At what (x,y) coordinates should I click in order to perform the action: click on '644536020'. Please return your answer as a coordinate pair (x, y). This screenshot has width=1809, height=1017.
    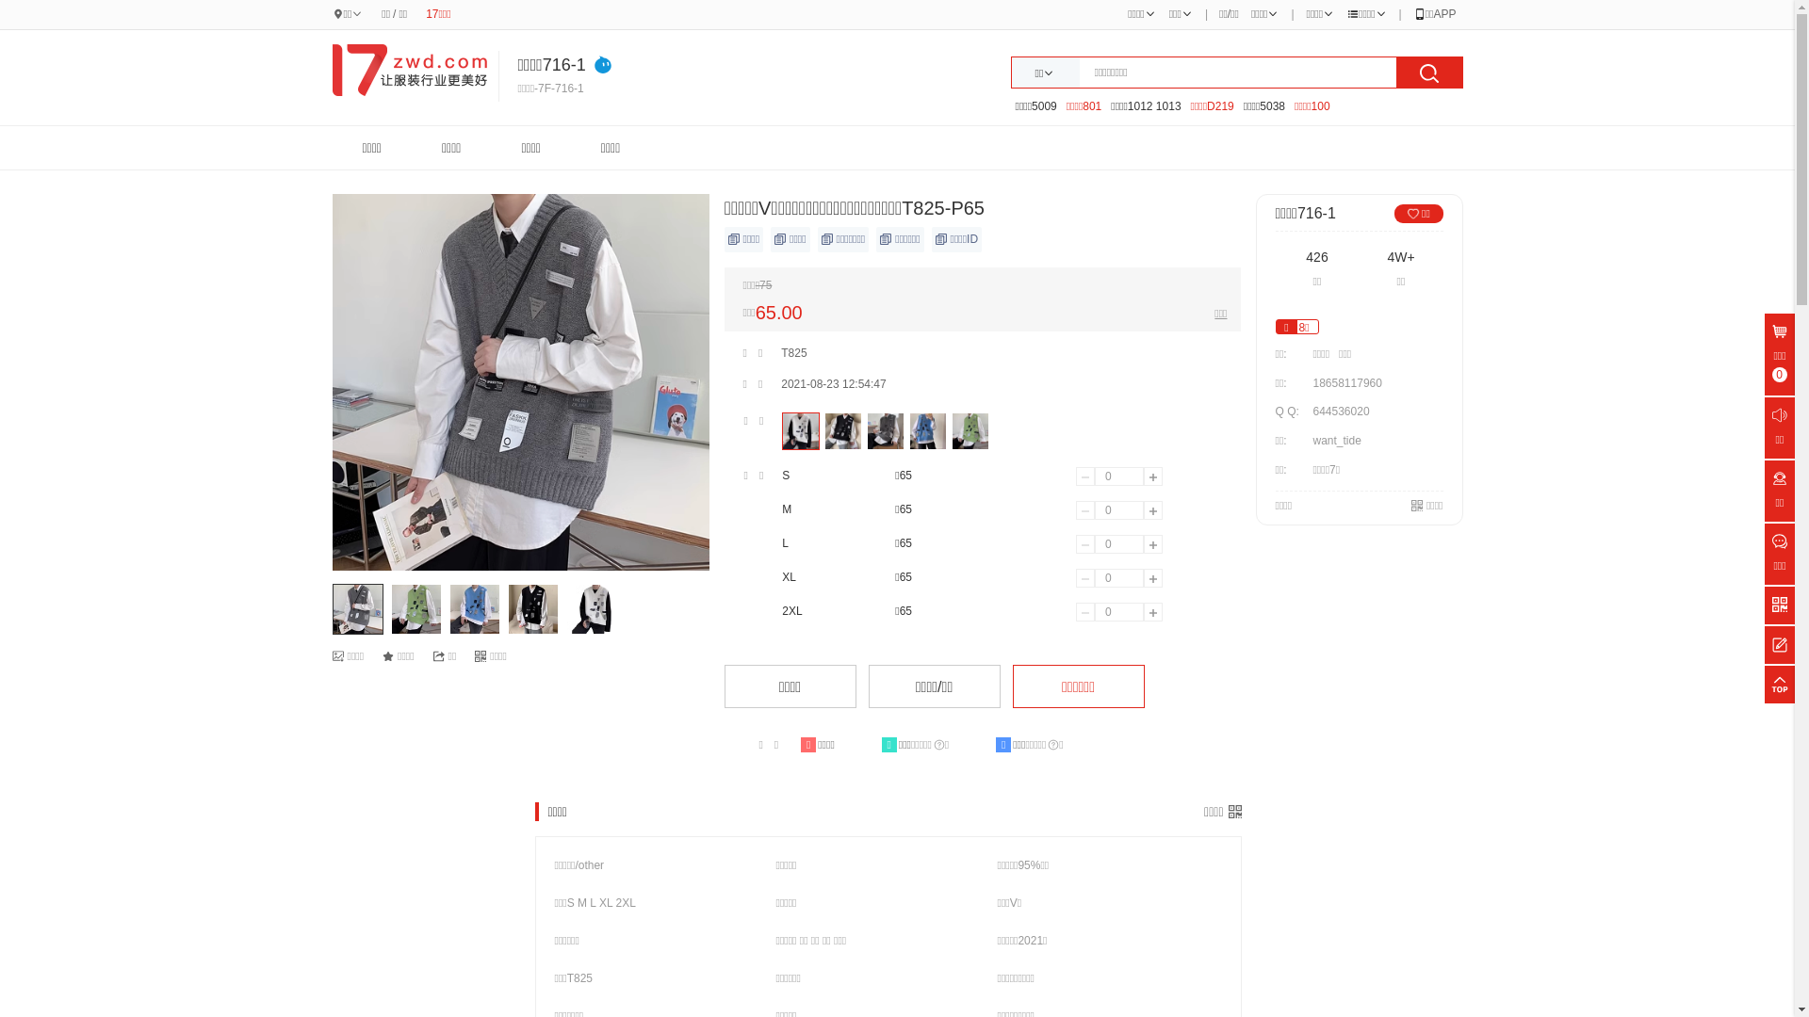
    Looking at the image, I should click on (1339, 410).